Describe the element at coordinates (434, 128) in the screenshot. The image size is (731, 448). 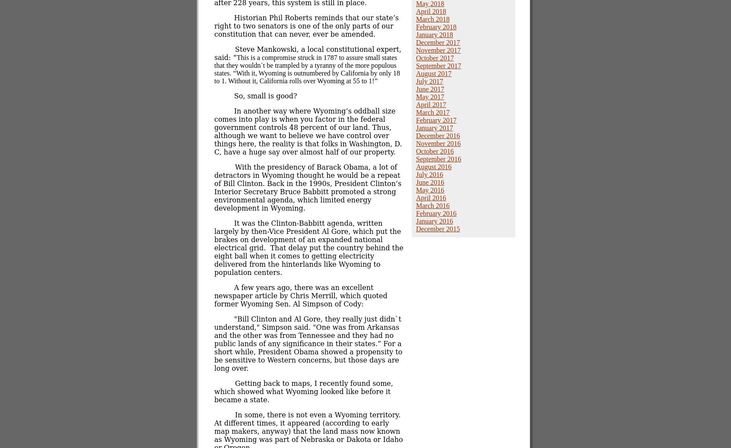
I see `'January 2017'` at that location.